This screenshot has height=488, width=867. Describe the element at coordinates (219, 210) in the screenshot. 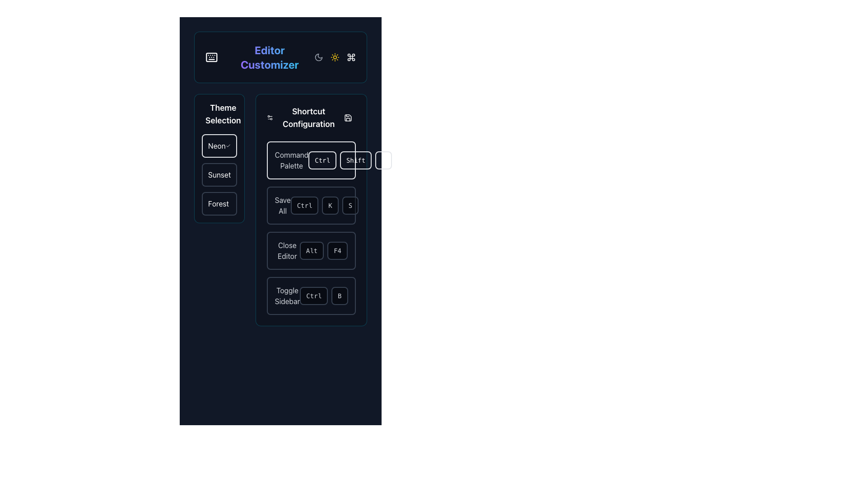

I see `the 'Forest' button in the vertical sidebar menu` at that location.